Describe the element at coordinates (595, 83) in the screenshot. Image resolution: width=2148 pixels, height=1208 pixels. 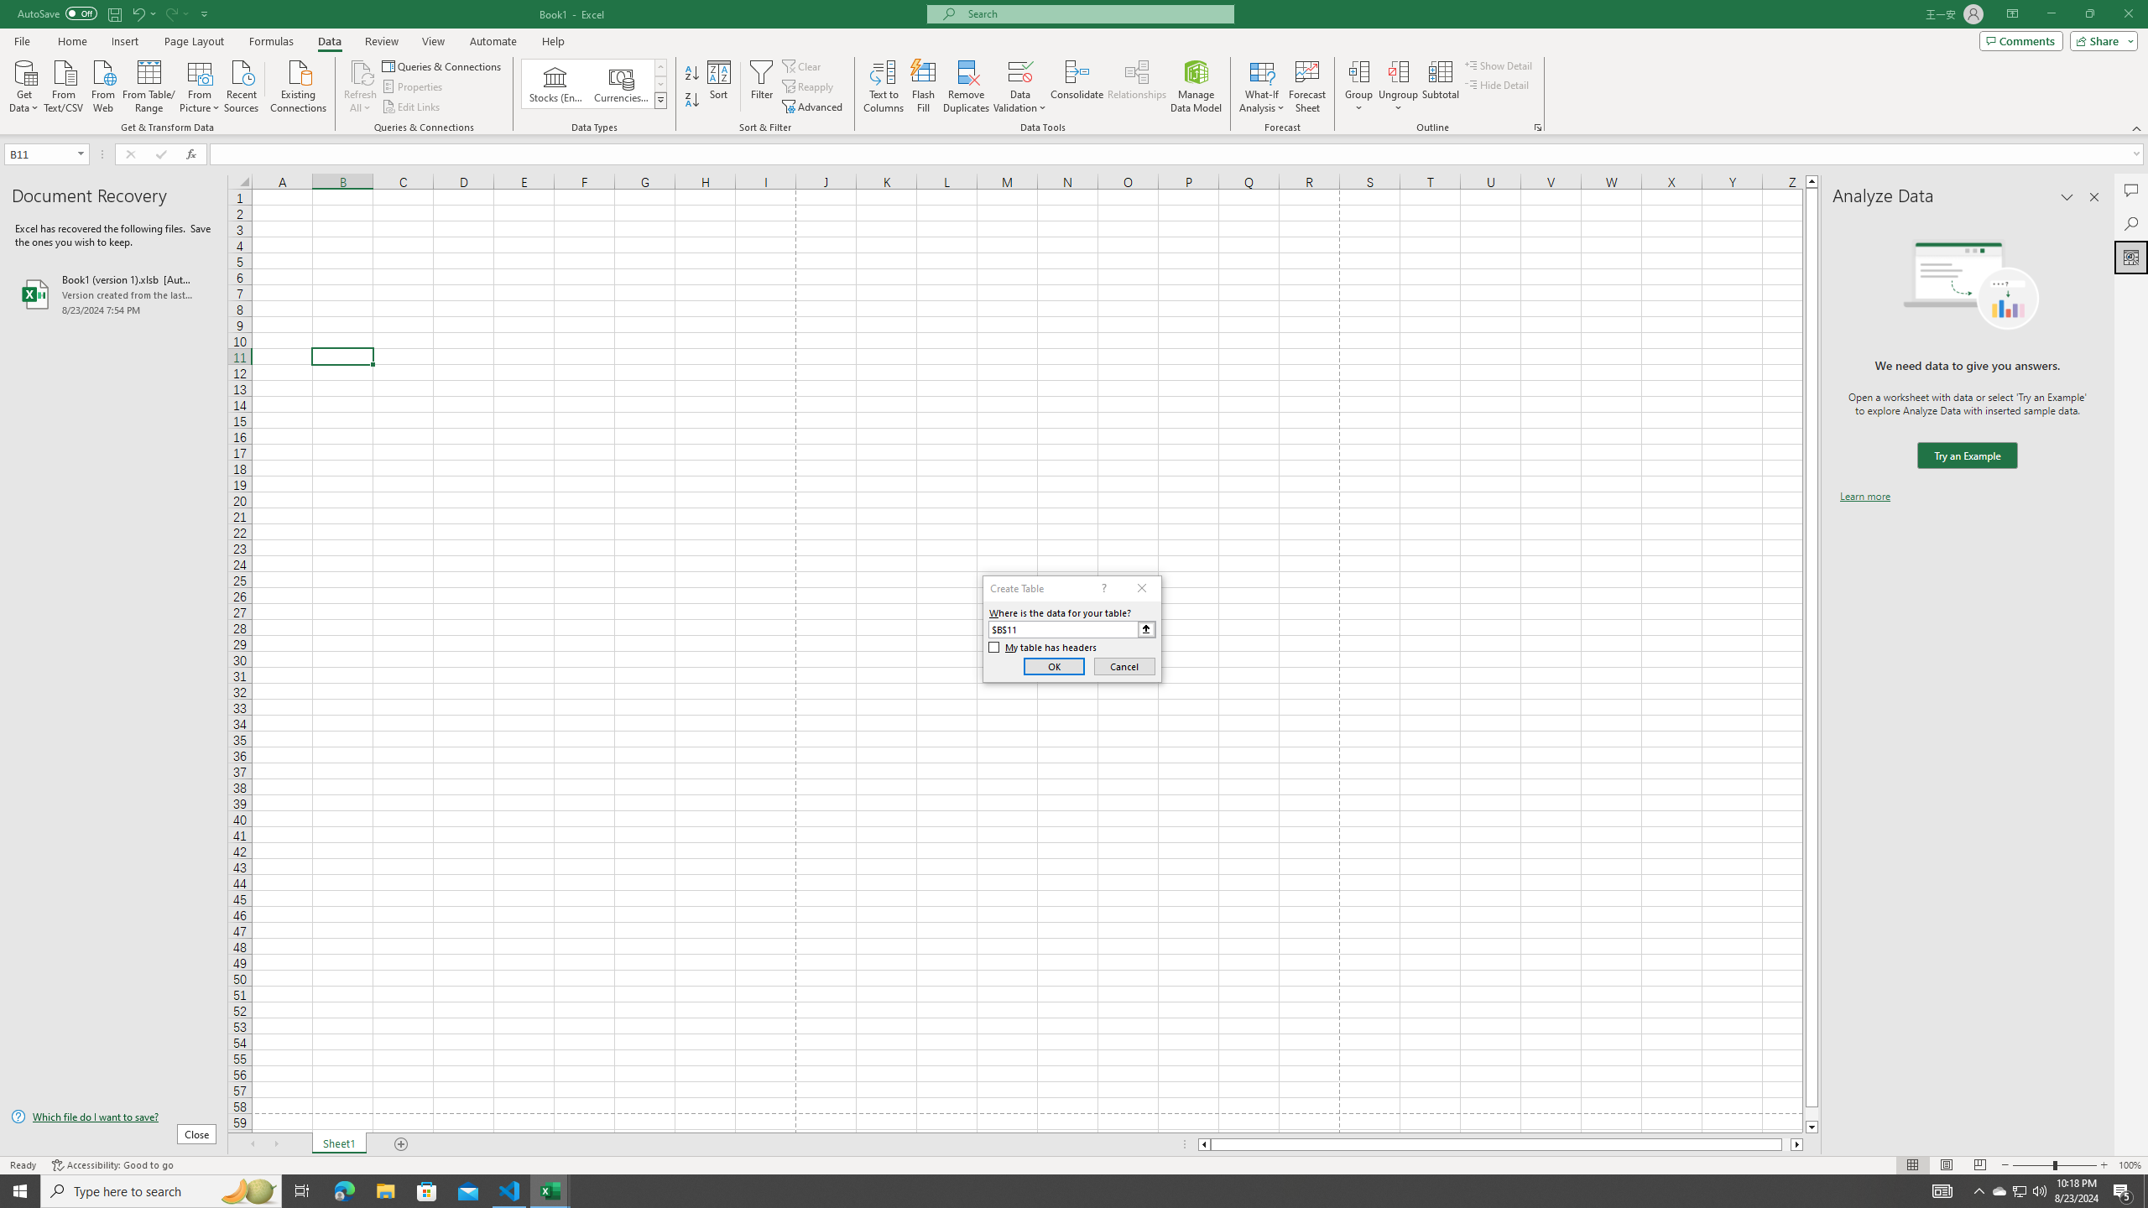
I see `'AutomationID: ConvertToLinkedEntity'` at that location.